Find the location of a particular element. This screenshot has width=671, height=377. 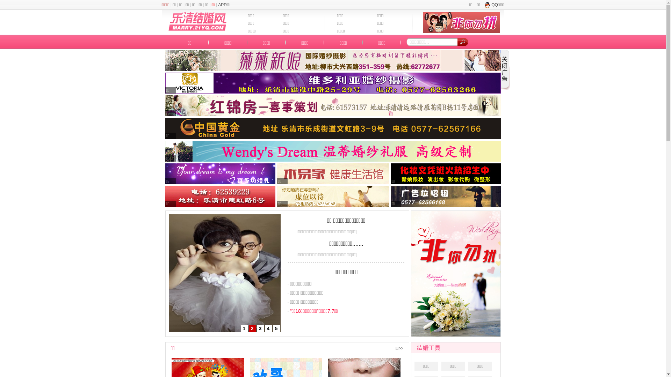

'4' is located at coordinates (265, 328).